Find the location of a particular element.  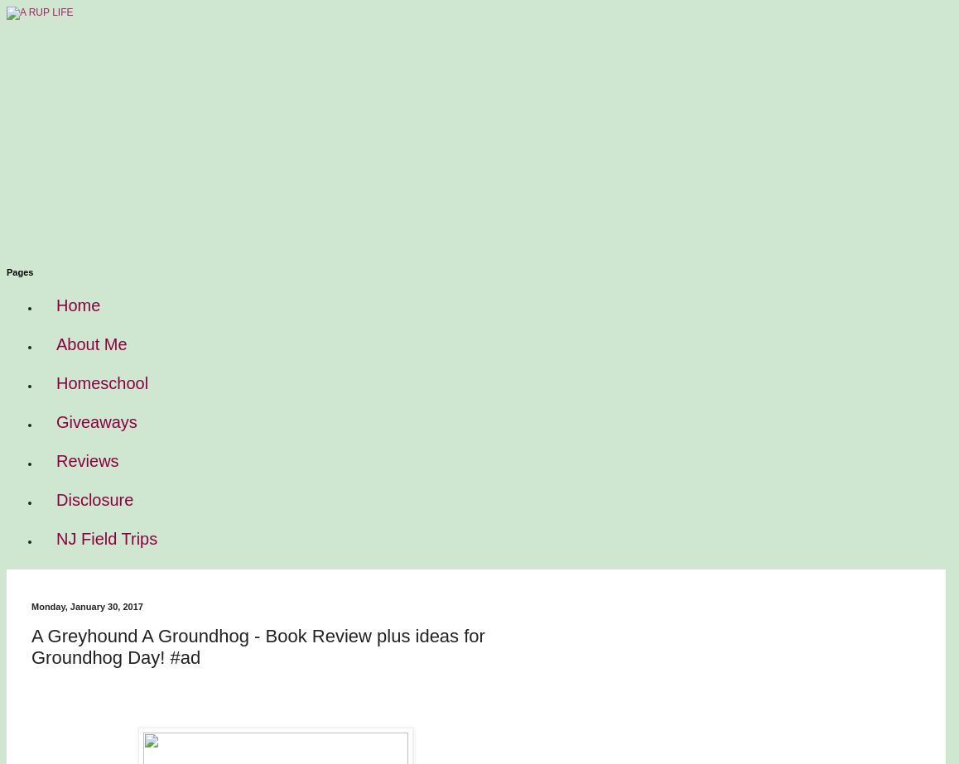

'About Me' is located at coordinates (55, 344).